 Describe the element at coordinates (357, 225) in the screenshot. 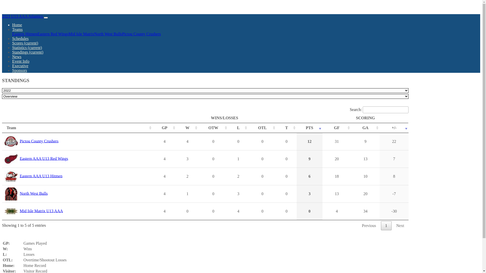

I see `'Previous'` at that location.